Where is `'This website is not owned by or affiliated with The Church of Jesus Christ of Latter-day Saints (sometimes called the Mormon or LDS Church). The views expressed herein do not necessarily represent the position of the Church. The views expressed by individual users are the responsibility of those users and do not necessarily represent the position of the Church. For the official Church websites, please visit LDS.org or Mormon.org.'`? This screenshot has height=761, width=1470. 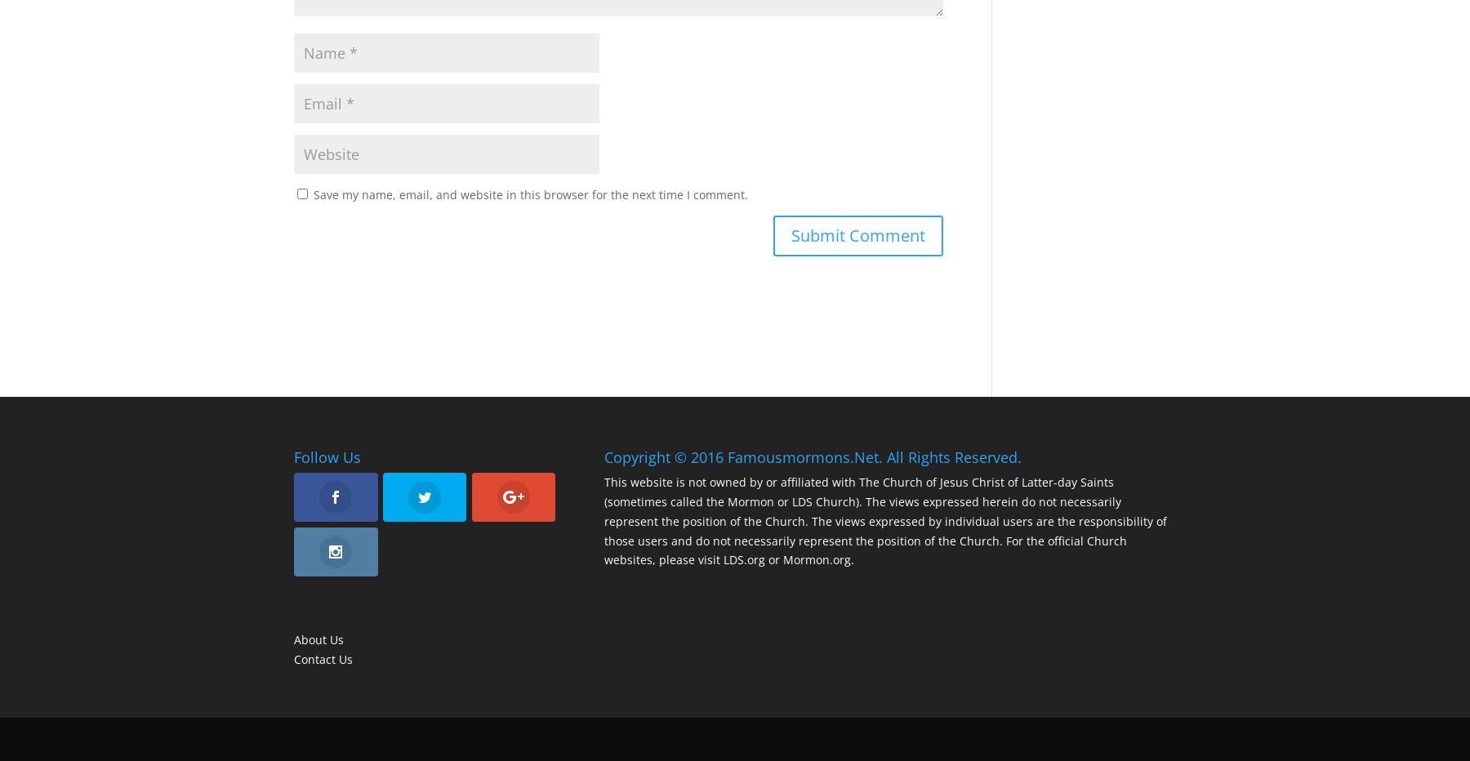
'This website is not owned by or affiliated with The Church of Jesus Christ of Latter-day Saints (sometimes called the Mormon or LDS Church). The views expressed herein do not necessarily represent the position of the Church. The views expressed by individual users are the responsibility of those users and do not necessarily represent the position of the Church. For the official Church websites, please visit LDS.org or Mormon.org.' is located at coordinates (884, 519).